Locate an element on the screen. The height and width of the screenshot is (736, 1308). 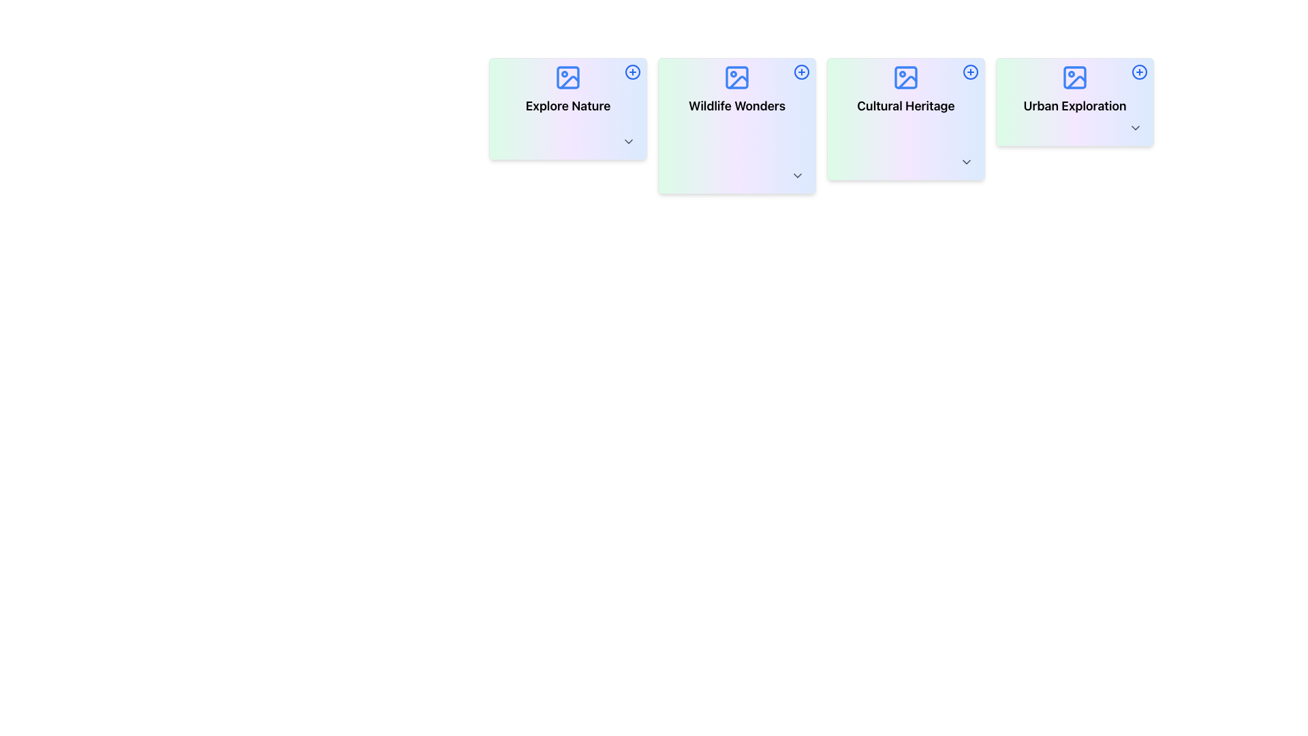
the title text of the second card in the collection, which is positioned between the first card labeled 'Explore Nature' and the third card labeled 'Cultural Heritage' is located at coordinates (736, 105).